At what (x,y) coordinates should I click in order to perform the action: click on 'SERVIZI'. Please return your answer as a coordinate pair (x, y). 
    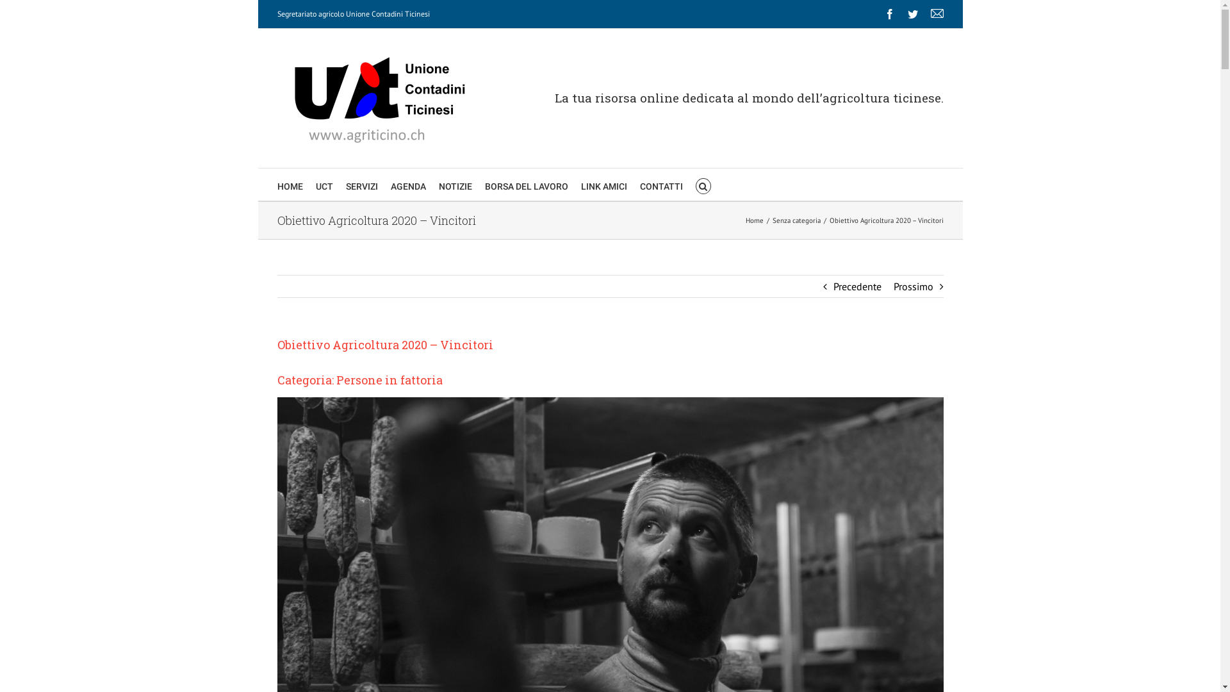
    Looking at the image, I should click on (361, 185).